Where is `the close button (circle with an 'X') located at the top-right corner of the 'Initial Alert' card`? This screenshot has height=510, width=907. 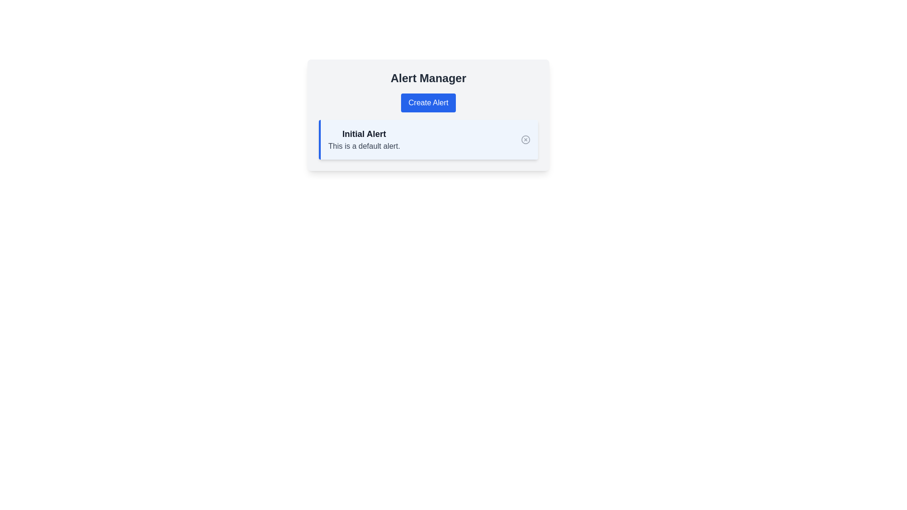
the close button (circle with an 'X') located at the top-right corner of the 'Initial Alert' card is located at coordinates (525, 140).